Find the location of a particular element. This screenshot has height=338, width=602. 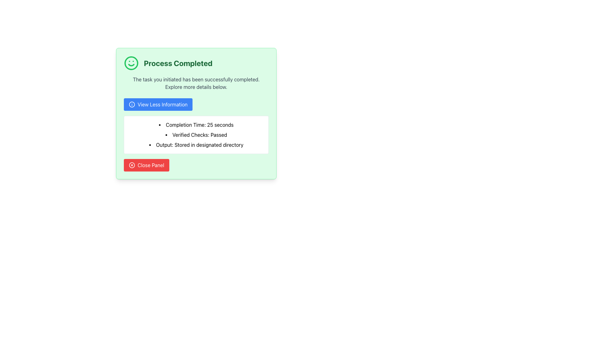

the close button located at the bottom of the light green panel is located at coordinates (146, 165).